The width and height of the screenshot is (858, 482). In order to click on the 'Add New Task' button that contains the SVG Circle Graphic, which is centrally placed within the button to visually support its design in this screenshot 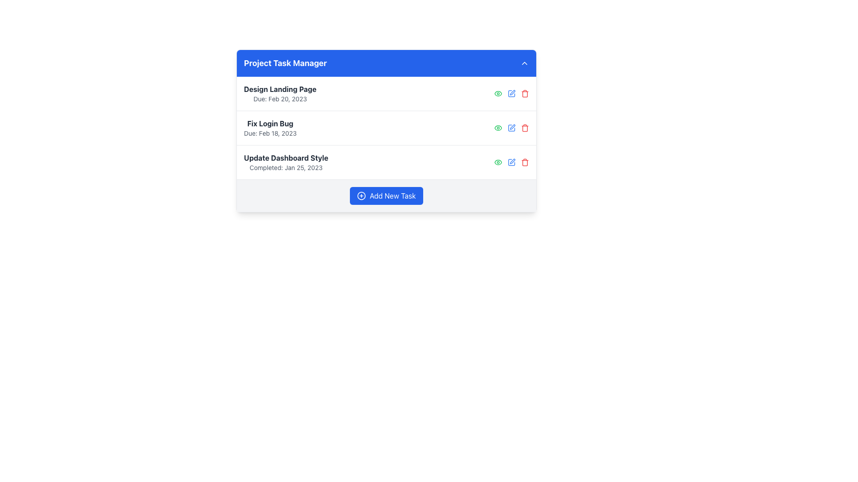, I will do `click(362, 195)`.